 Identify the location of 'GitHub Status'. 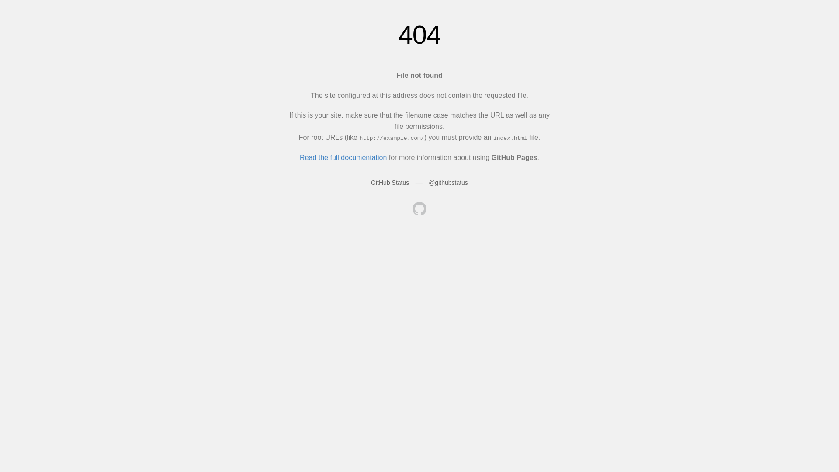
(371, 182).